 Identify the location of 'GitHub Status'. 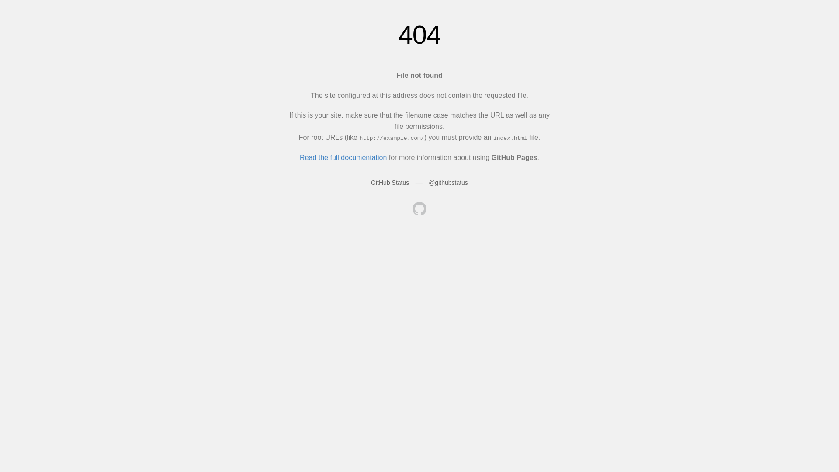
(371, 182).